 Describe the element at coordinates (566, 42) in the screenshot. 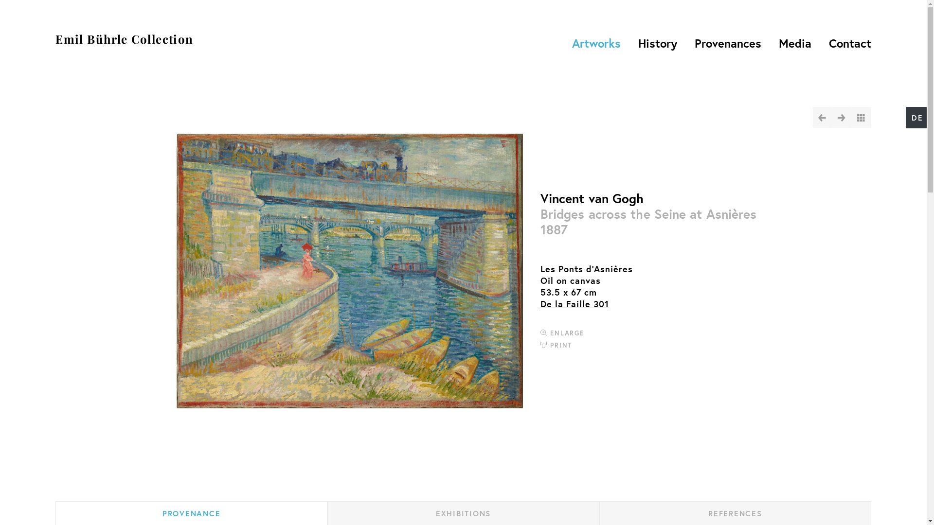

I see `'Artworks'` at that location.